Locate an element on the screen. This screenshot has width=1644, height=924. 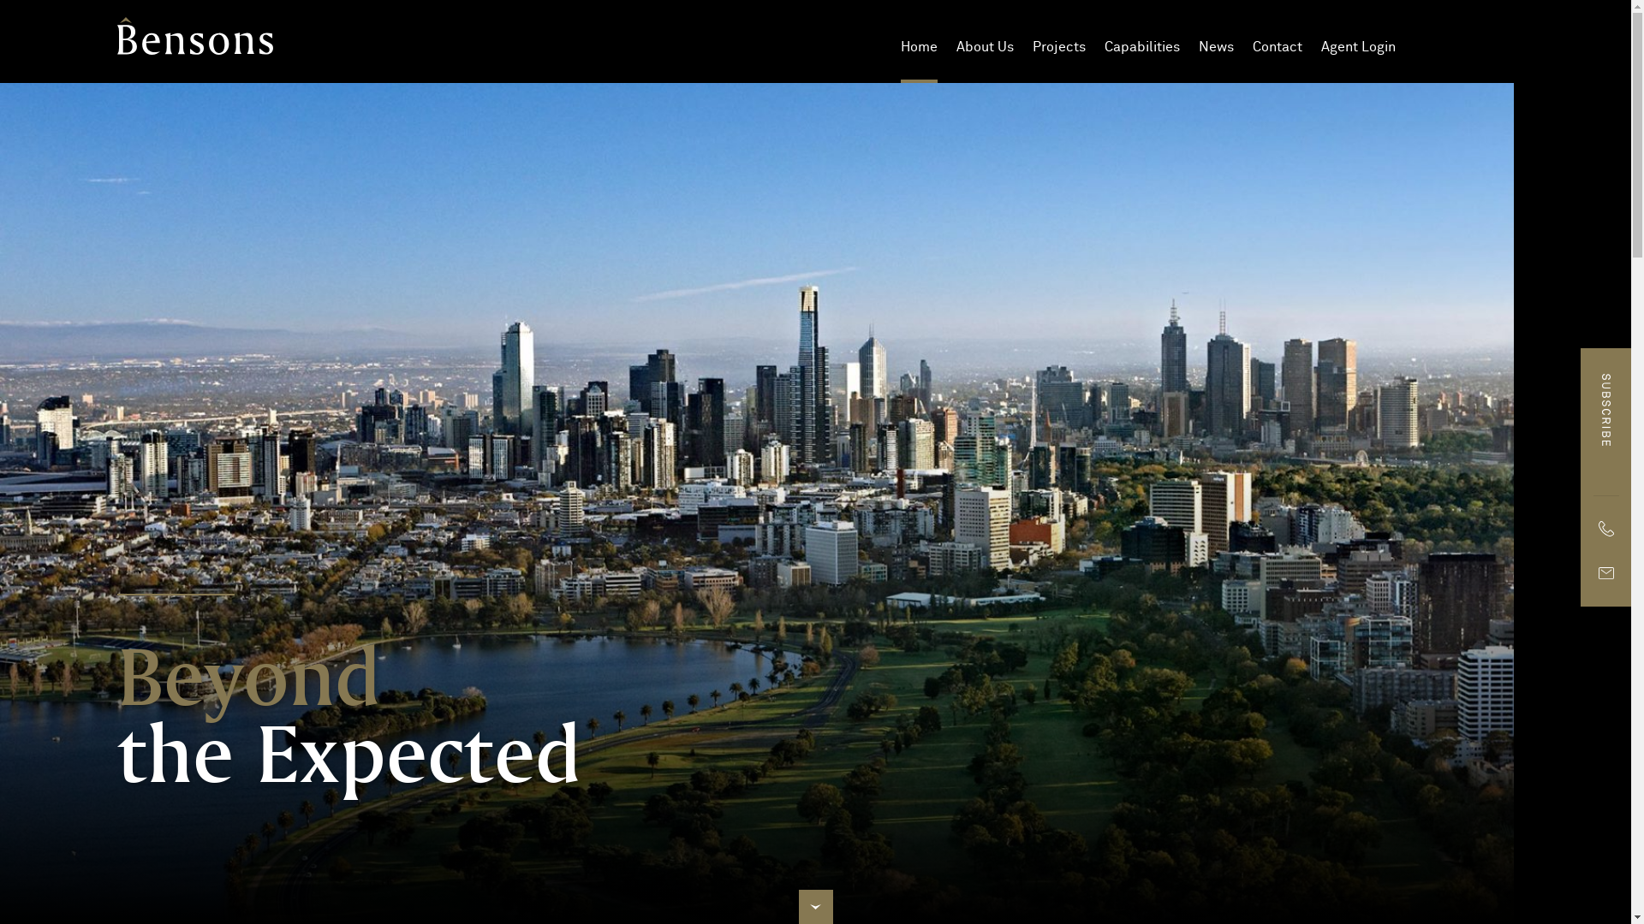
'Projects' is located at coordinates (1058, 45).